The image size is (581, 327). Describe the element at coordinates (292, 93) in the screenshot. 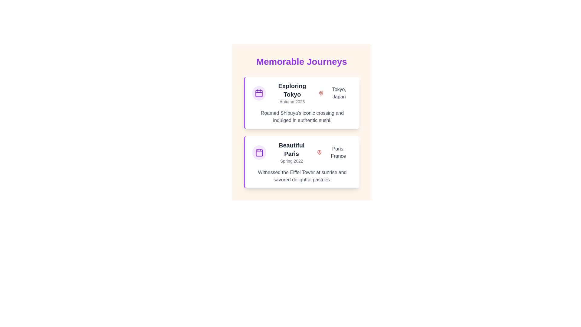

I see `the text block displaying 'Exploring Tokyo' and 'Autumn 2023', which is located in the top-left quadrant of a card, above a description paragraph` at that location.